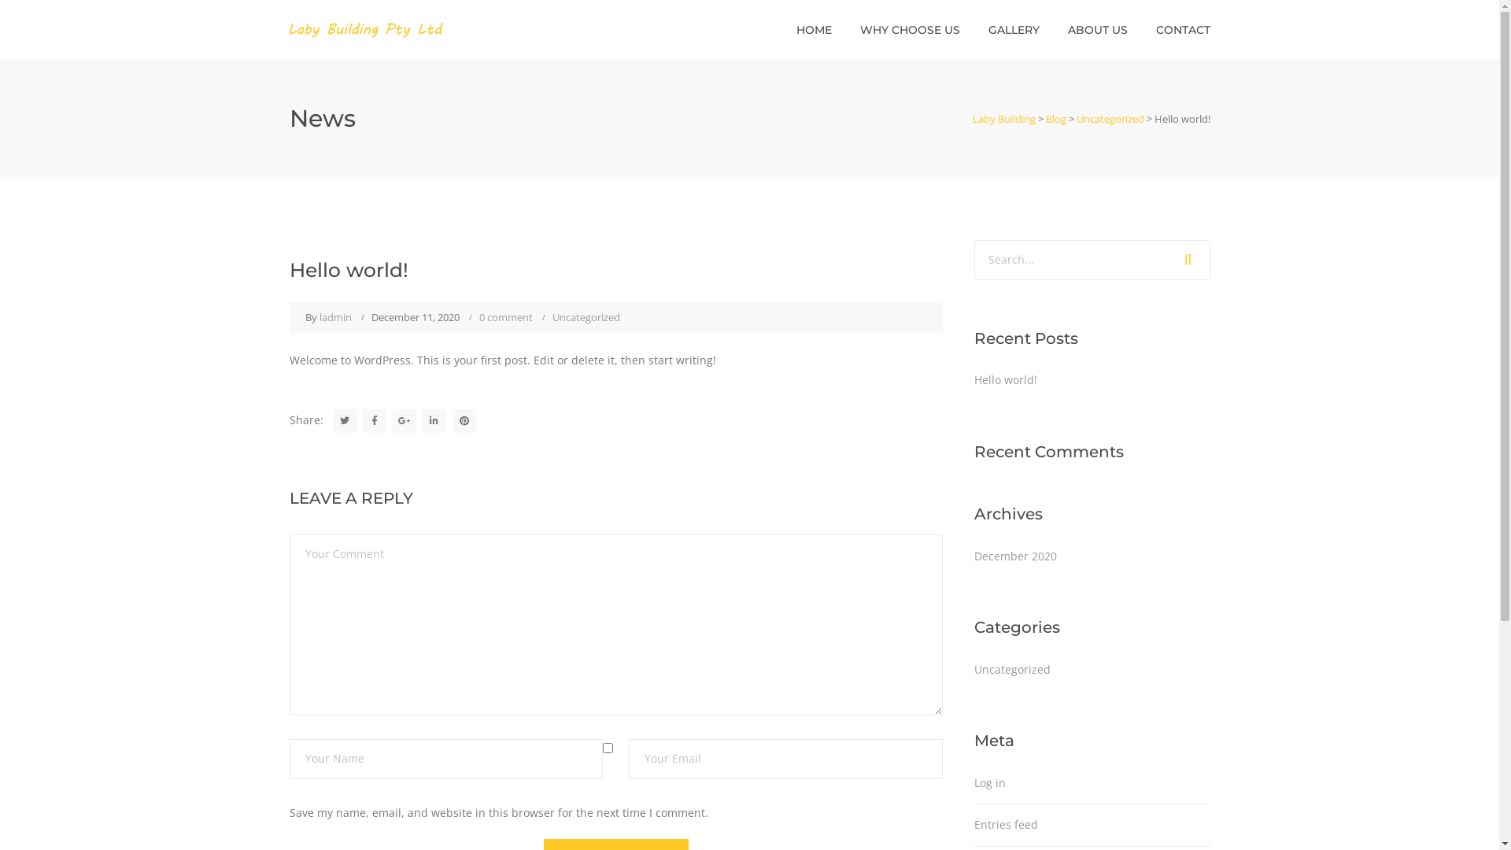 The image size is (1511, 850). Describe the element at coordinates (1014, 30) in the screenshot. I see `'GALLERY'` at that location.